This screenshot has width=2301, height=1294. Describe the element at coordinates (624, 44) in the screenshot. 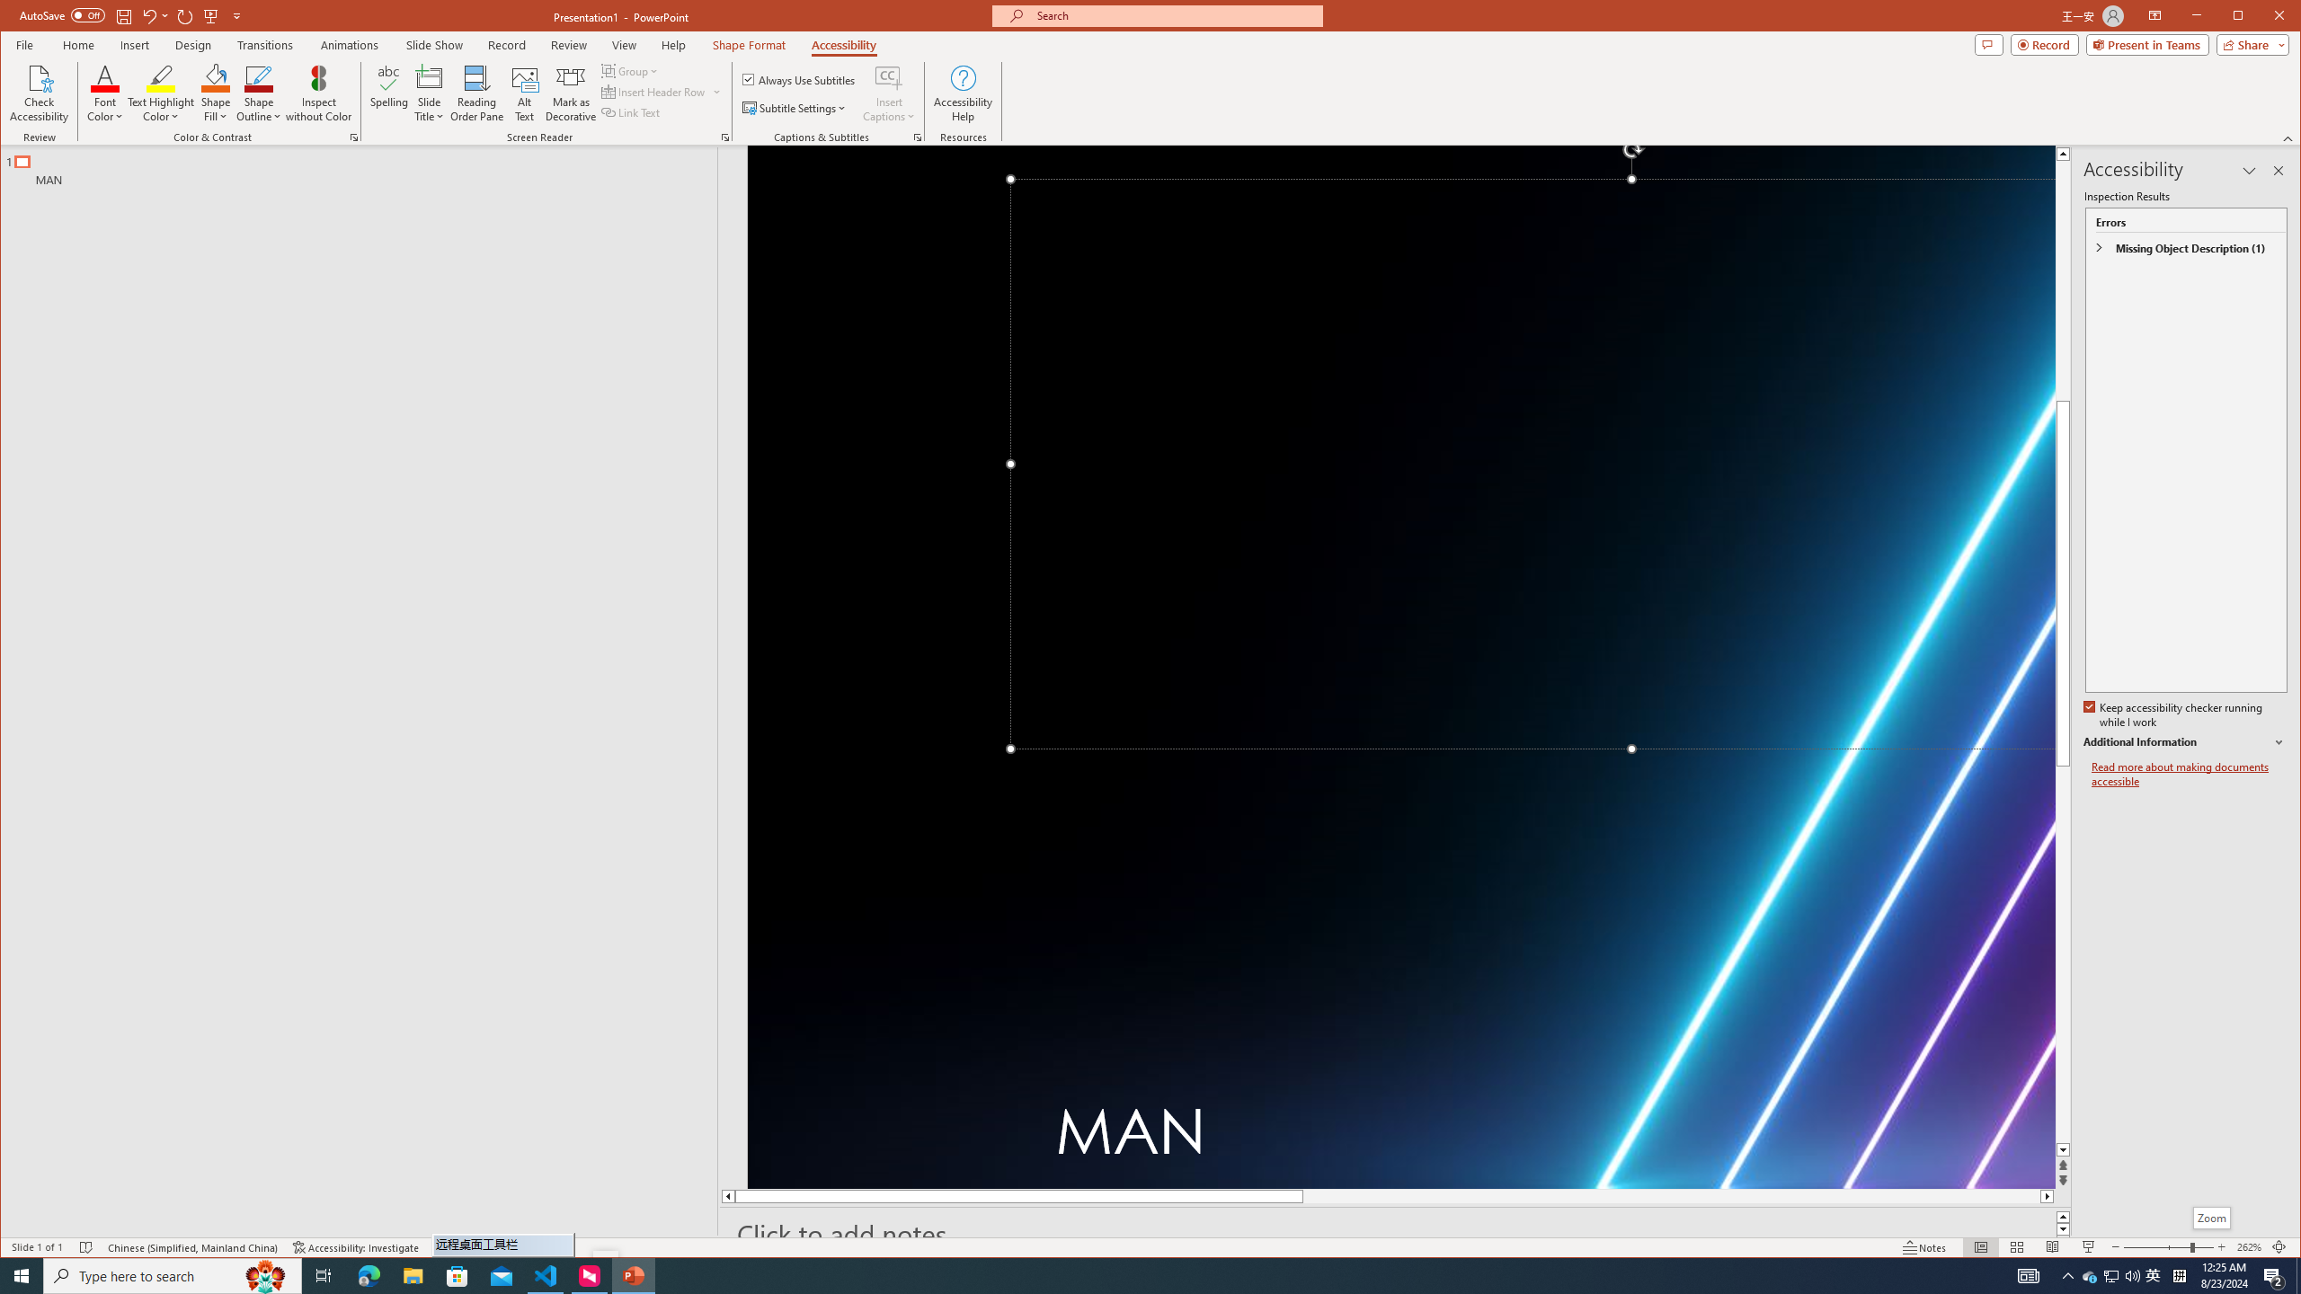

I see `'View'` at that location.